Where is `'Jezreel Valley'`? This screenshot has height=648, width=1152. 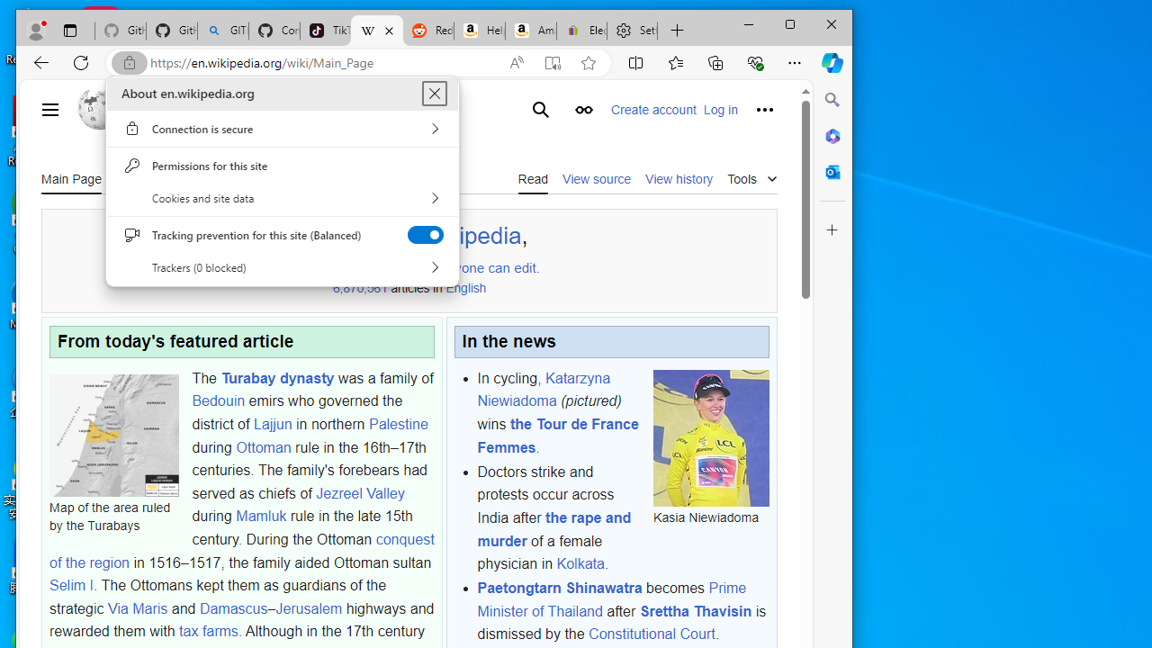 'Jezreel Valley' is located at coordinates (360, 493).